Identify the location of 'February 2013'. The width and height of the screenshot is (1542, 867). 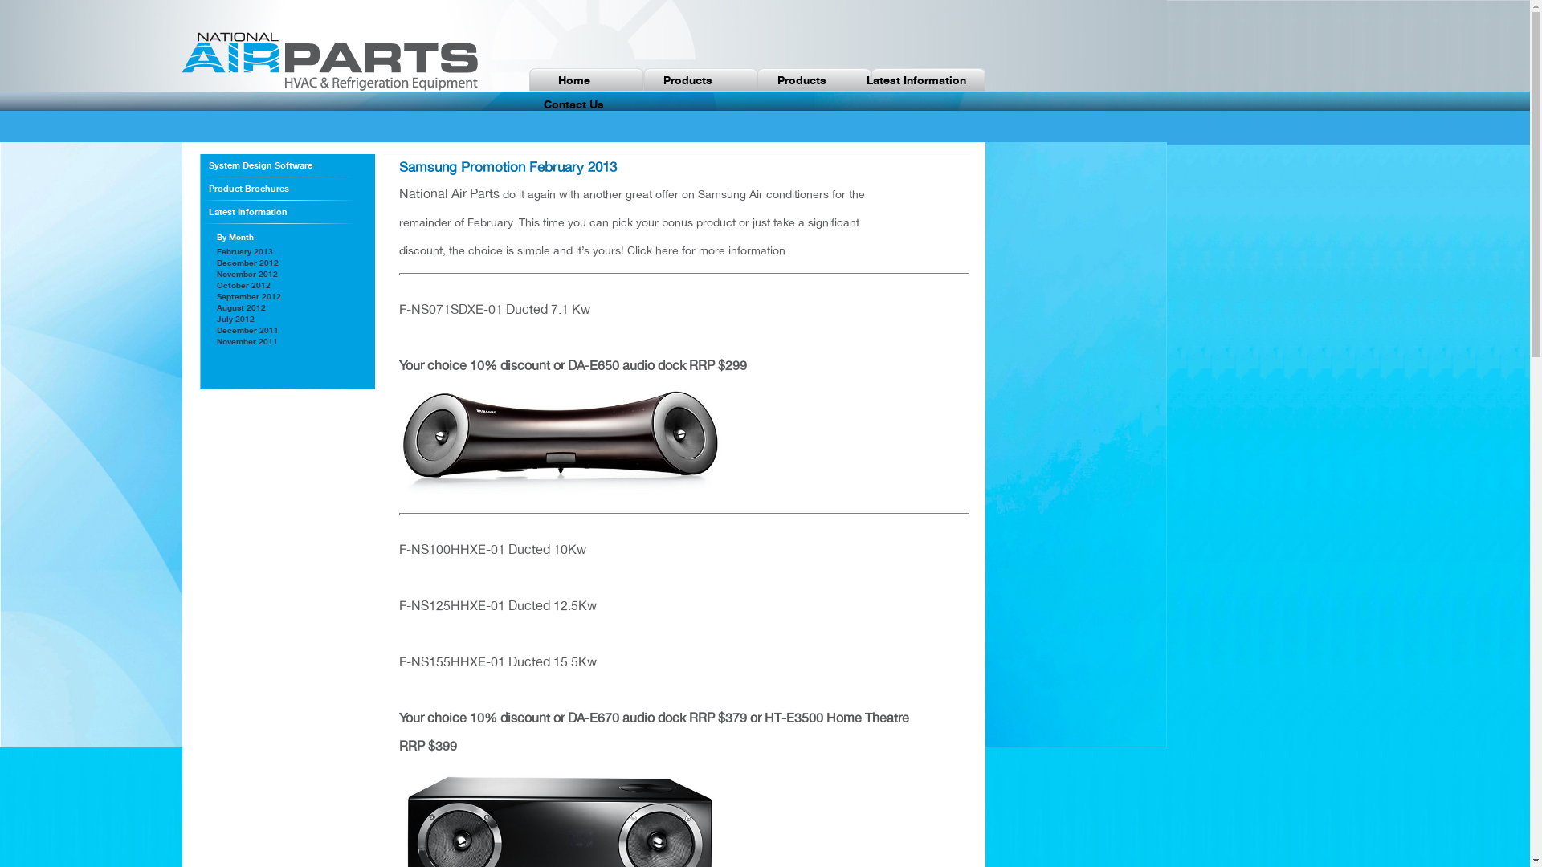
(244, 250).